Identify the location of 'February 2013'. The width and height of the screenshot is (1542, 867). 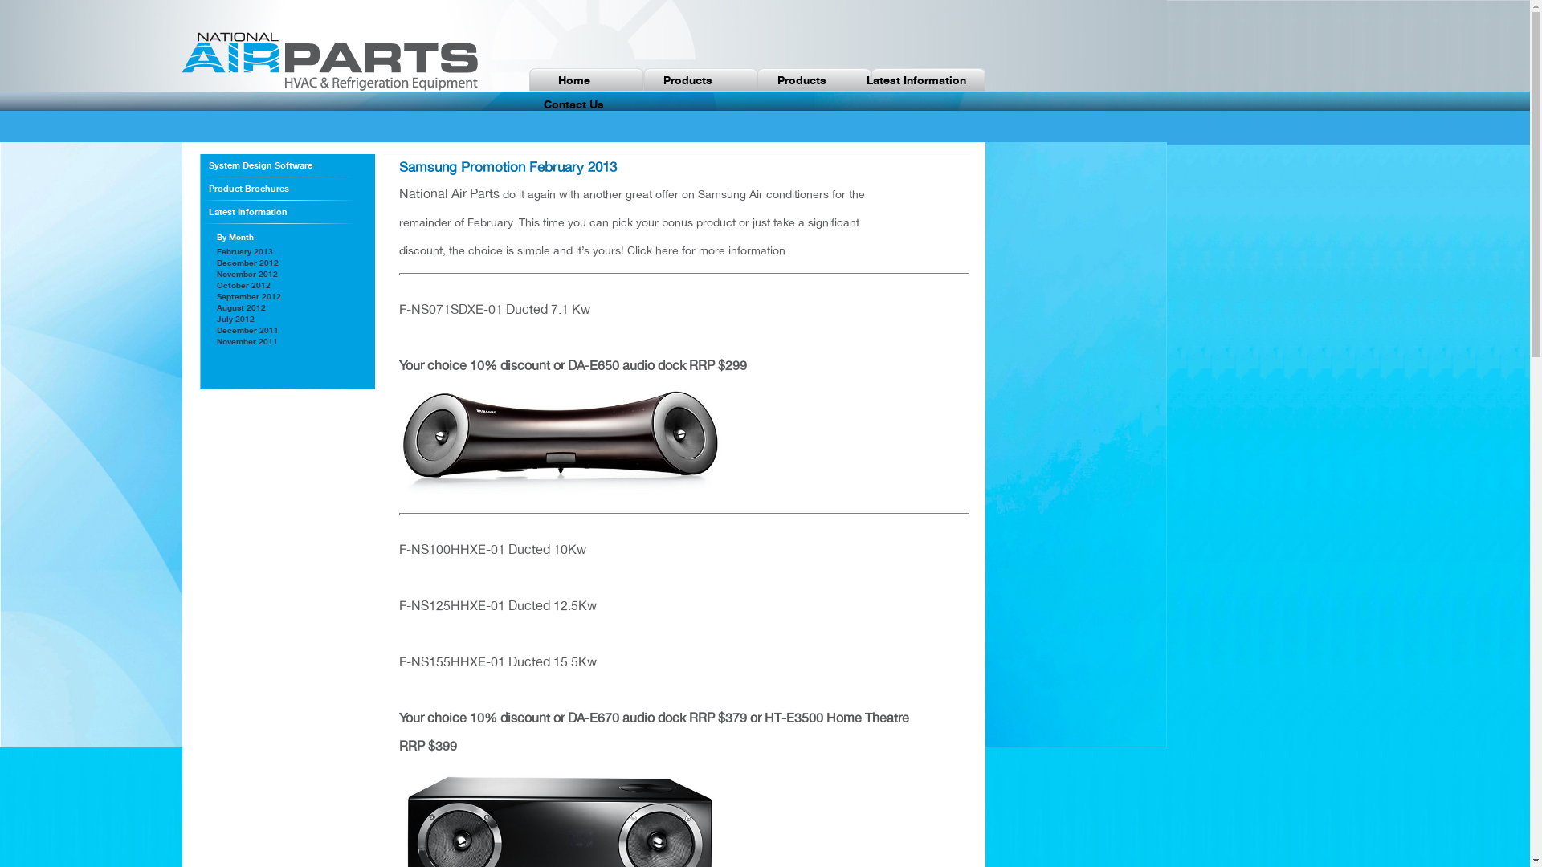
(244, 250).